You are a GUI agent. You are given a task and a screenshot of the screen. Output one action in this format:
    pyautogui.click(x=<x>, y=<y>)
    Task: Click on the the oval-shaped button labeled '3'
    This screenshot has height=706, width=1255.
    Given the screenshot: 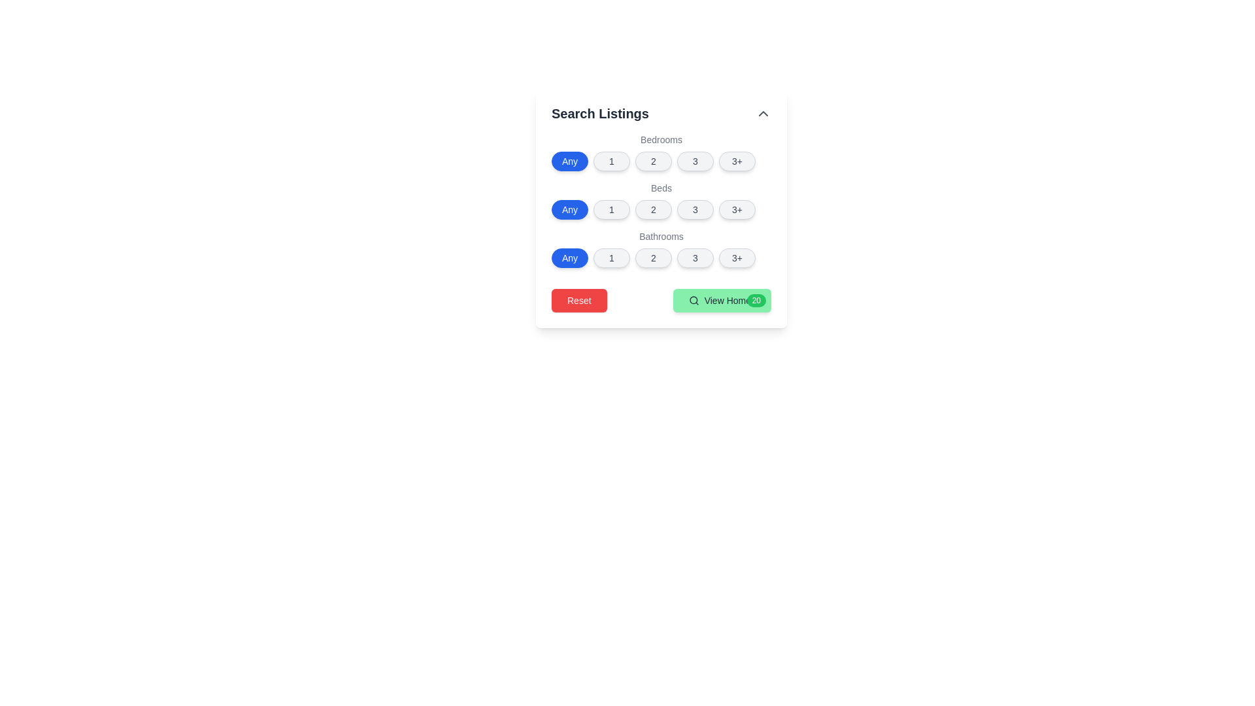 What is the action you would take?
    pyautogui.click(x=695, y=160)
    